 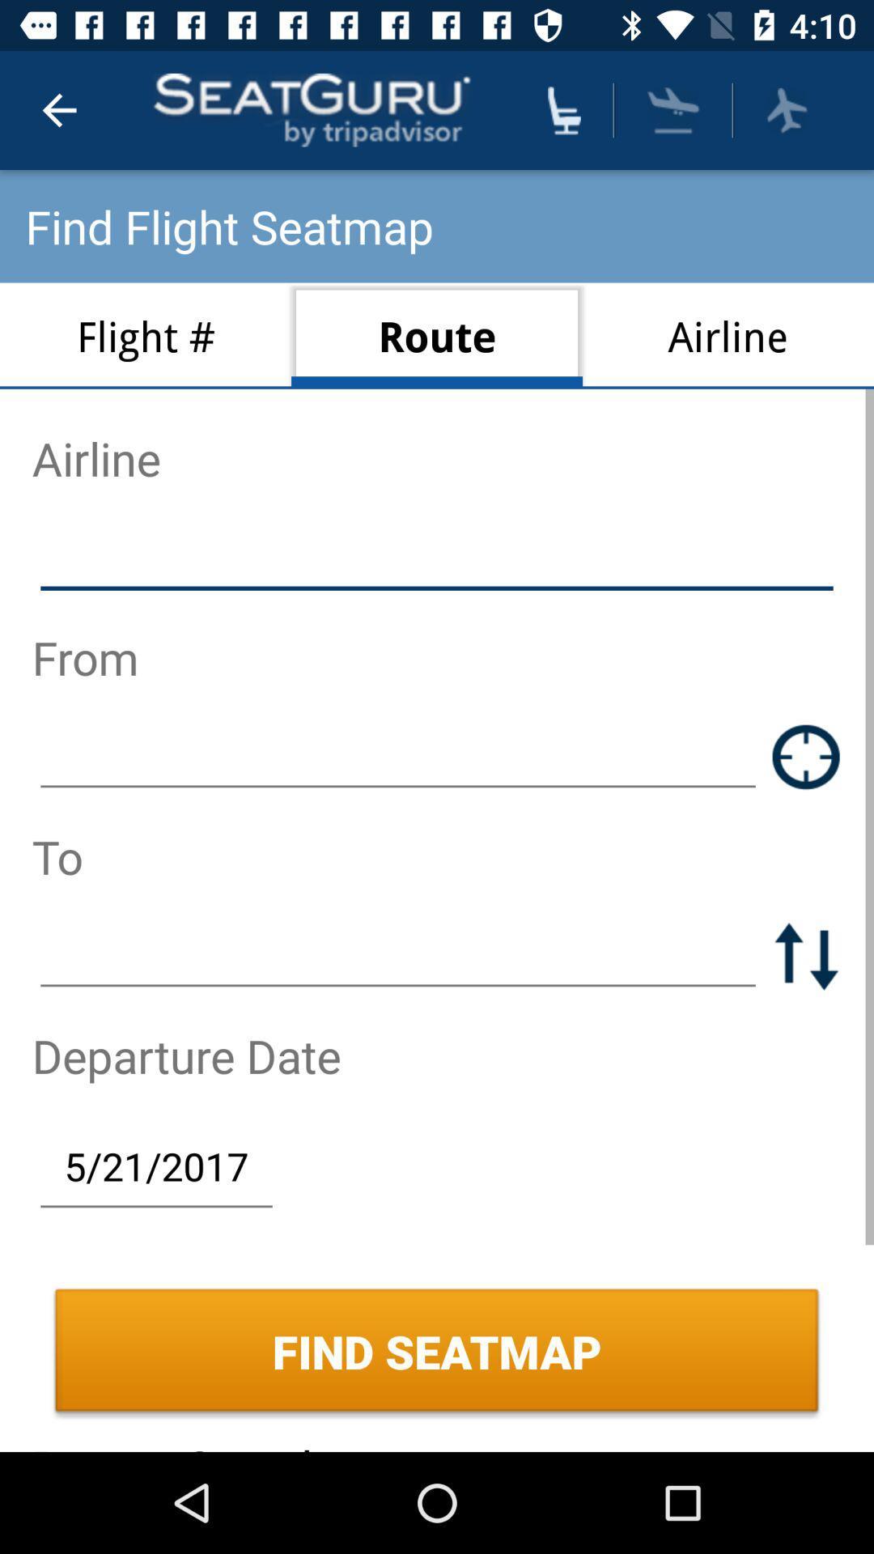 What do you see at coordinates (398, 756) in the screenshot?
I see `departutre location` at bounding box center [398, 756].